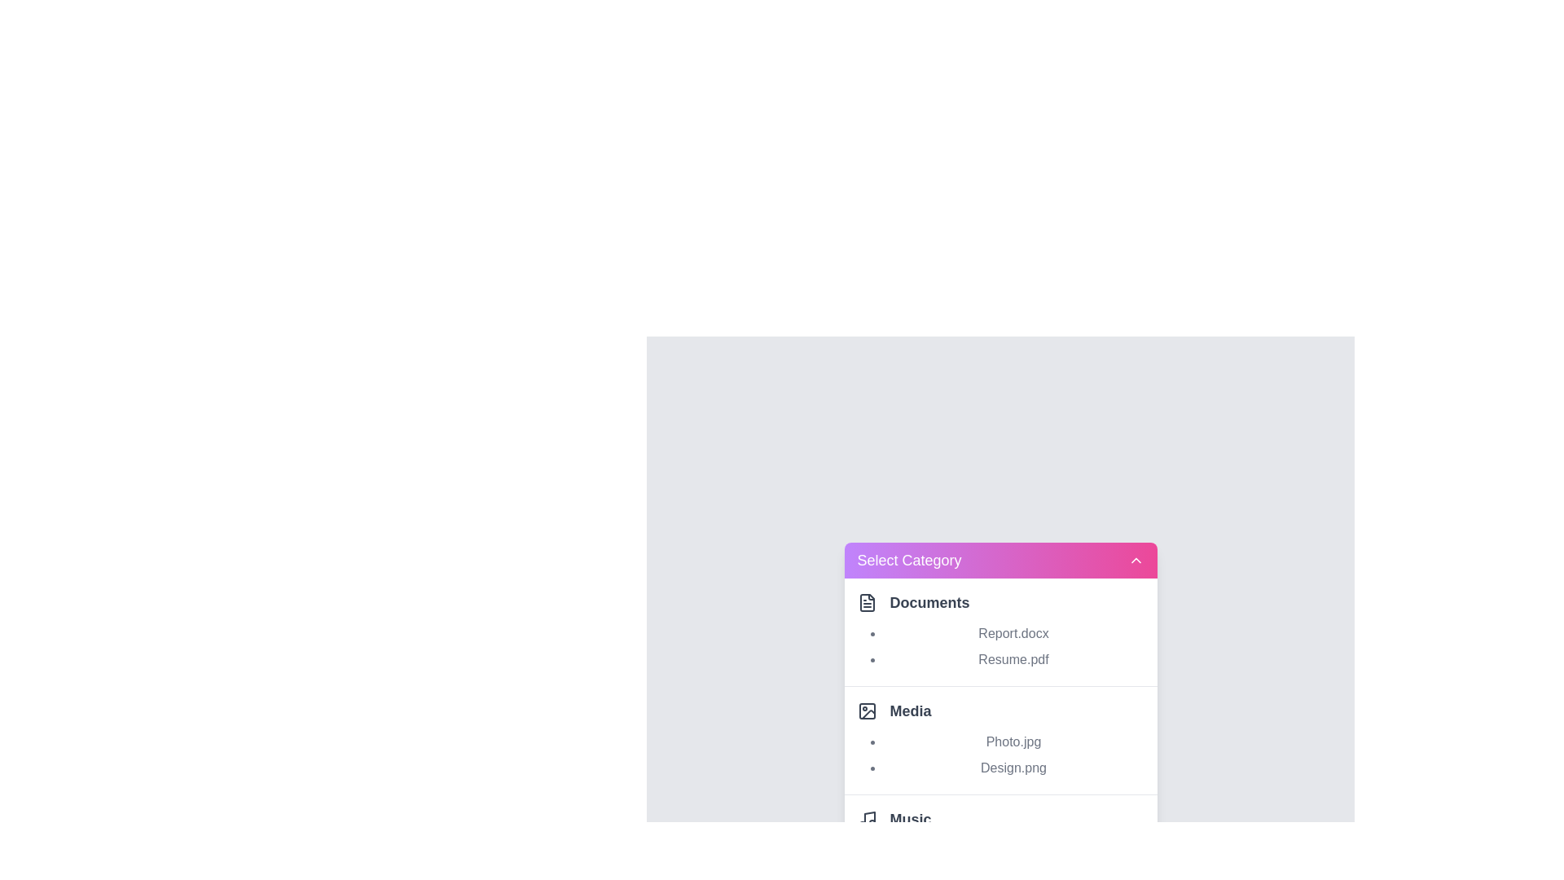  I want to click on the 'Media' icon representation located to the left of the text 'Media' in the interface, so click(866, 710).